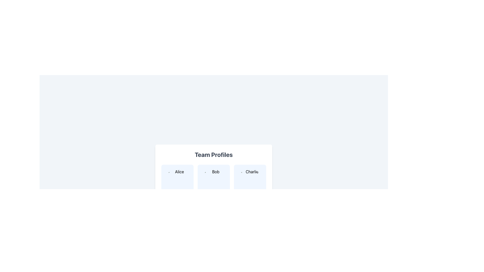 The image size is (484, 272). What do you see at coordinates (250, 180) in the screenshot?
I see `the profile picture for 'Charlie' located in the 'Team Profiles' grid` at bounding box center [250, 180].